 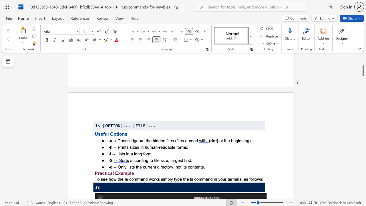 I want to click on the subset text "lists the current directory, not its conten" within the text "→ Only lists the current directory, not its contents.", so click(x=127, y=167).